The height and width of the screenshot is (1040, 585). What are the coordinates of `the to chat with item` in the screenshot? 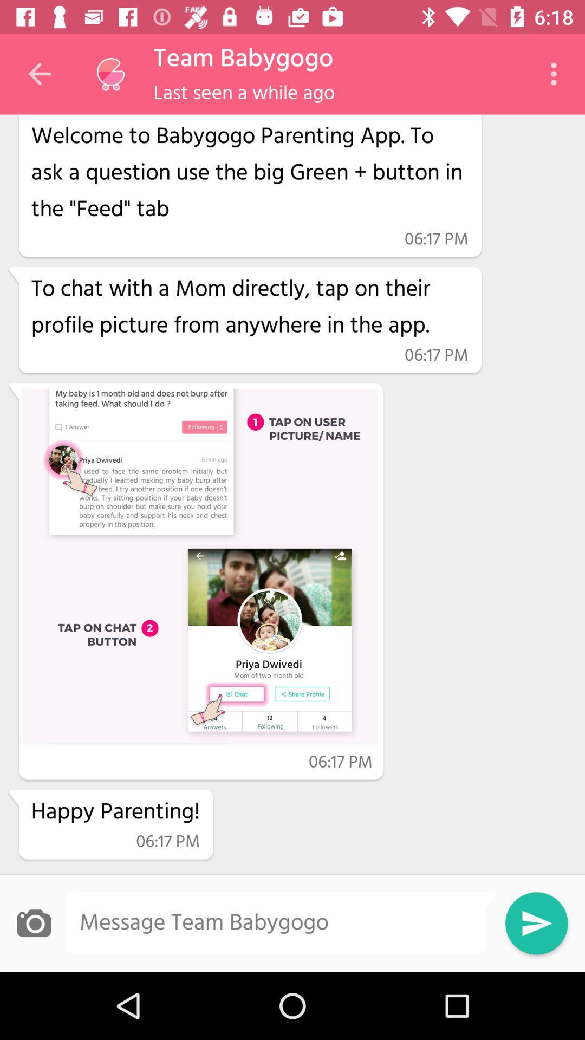 It's located at (250, 307).